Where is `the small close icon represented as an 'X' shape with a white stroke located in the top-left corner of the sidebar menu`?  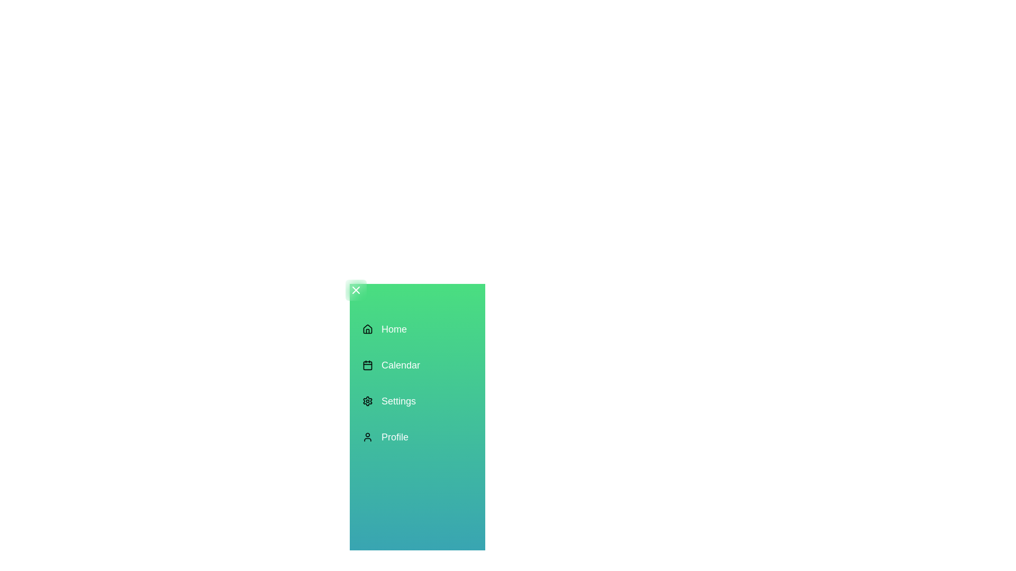 the small close icon represented as an 'X' shape with a white stroke located in the top-left corner of the sidebar menu is located at coordinates (356, 290).